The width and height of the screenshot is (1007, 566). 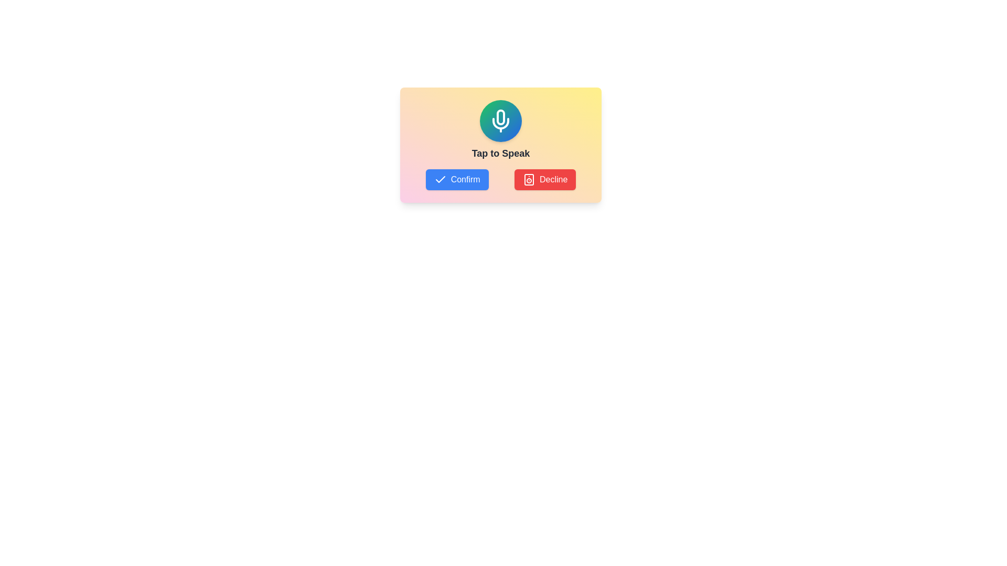 What do you see at coordinates (500, 121) in the screenshot?
I see `the microphone button located in the center of the yellow panel at the top, which activates the voice input or recording function` at bounding box center [500, 121].